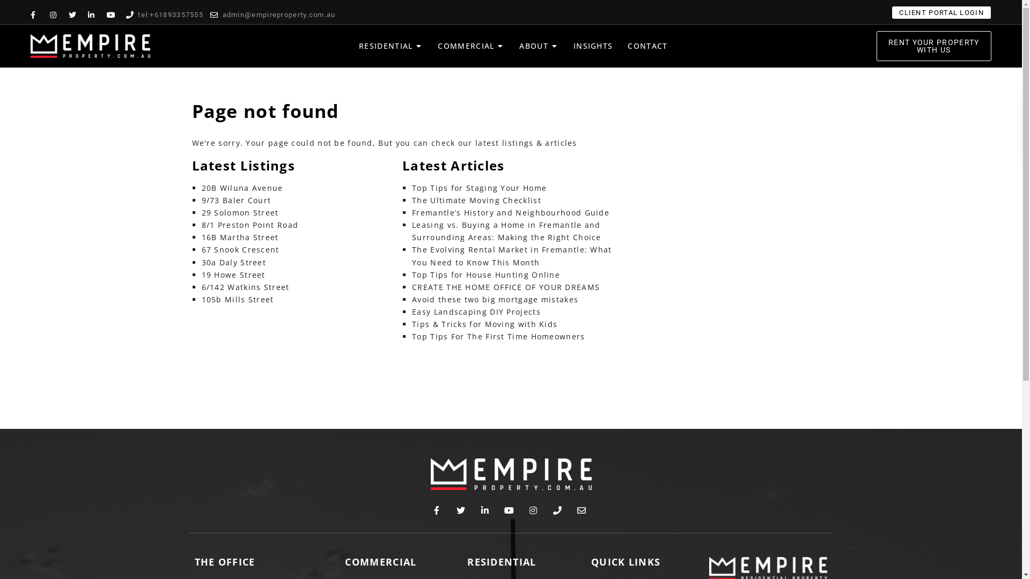  Describe the element at coordinates (201, 274) in the screenshot. I see `'19 Howe Street'` at that location.